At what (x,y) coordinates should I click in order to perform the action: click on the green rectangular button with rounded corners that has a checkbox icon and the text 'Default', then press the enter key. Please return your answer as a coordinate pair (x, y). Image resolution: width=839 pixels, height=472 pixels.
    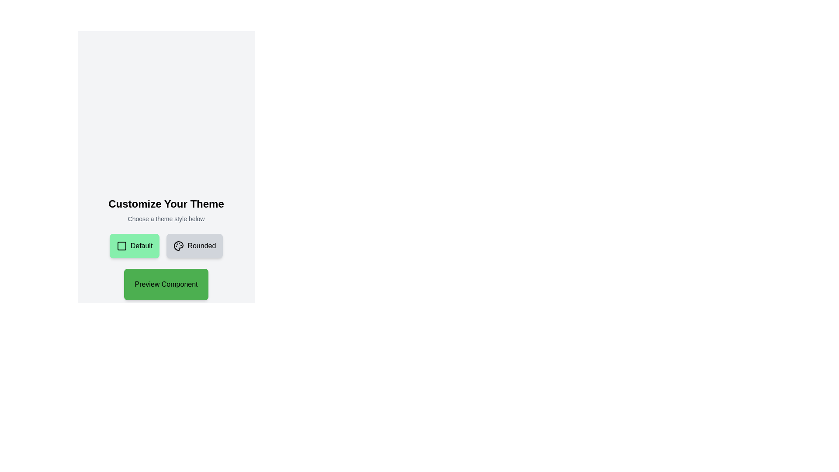
    Looking at the image, I should click on (134, 246).